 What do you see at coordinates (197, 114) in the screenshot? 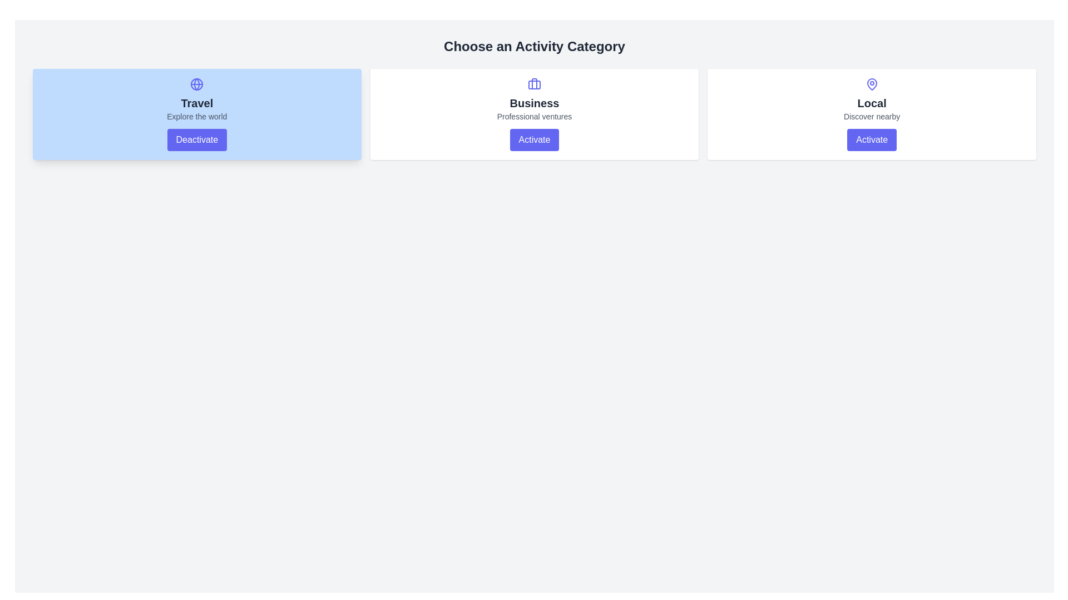
I see `the panel titled 'Travel' which contains a subtitle 'Explore the world' and a button labeled 'Deactivate'` at bounding box center [197, 114].